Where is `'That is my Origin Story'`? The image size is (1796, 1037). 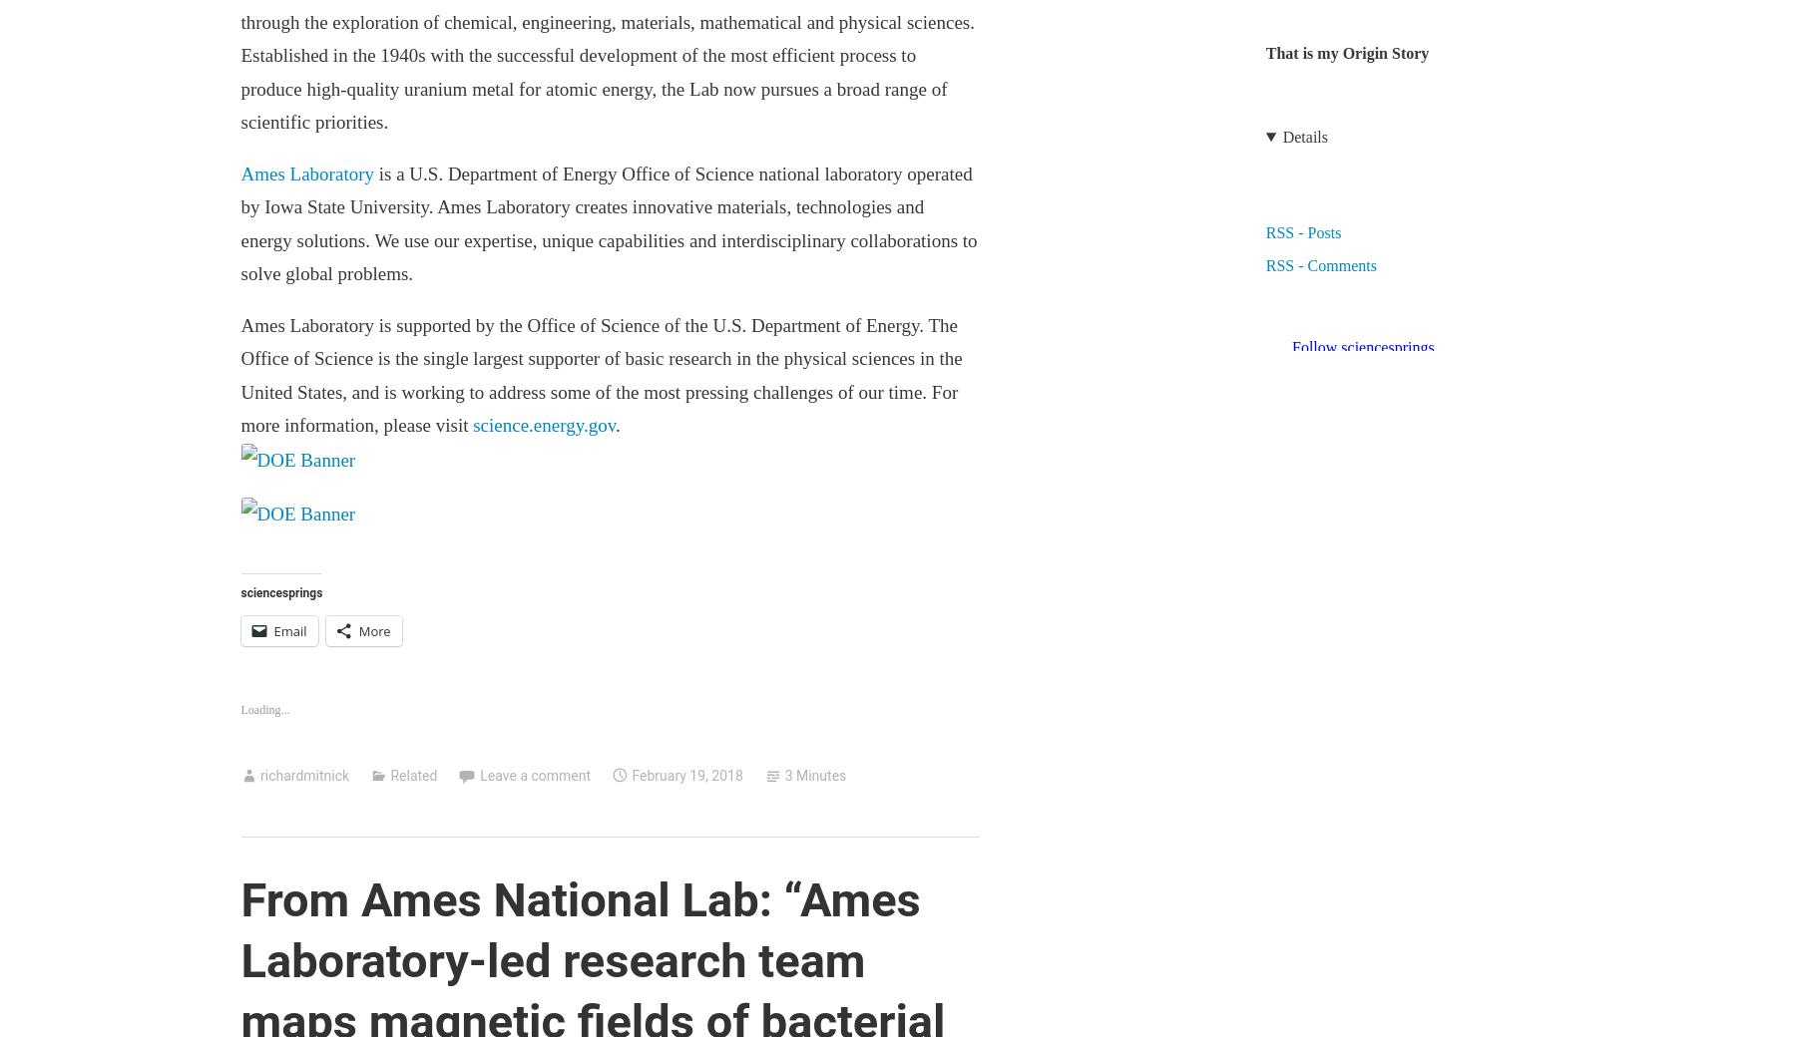
'That is my Origin Story' is located at coordinates (1347, 51).